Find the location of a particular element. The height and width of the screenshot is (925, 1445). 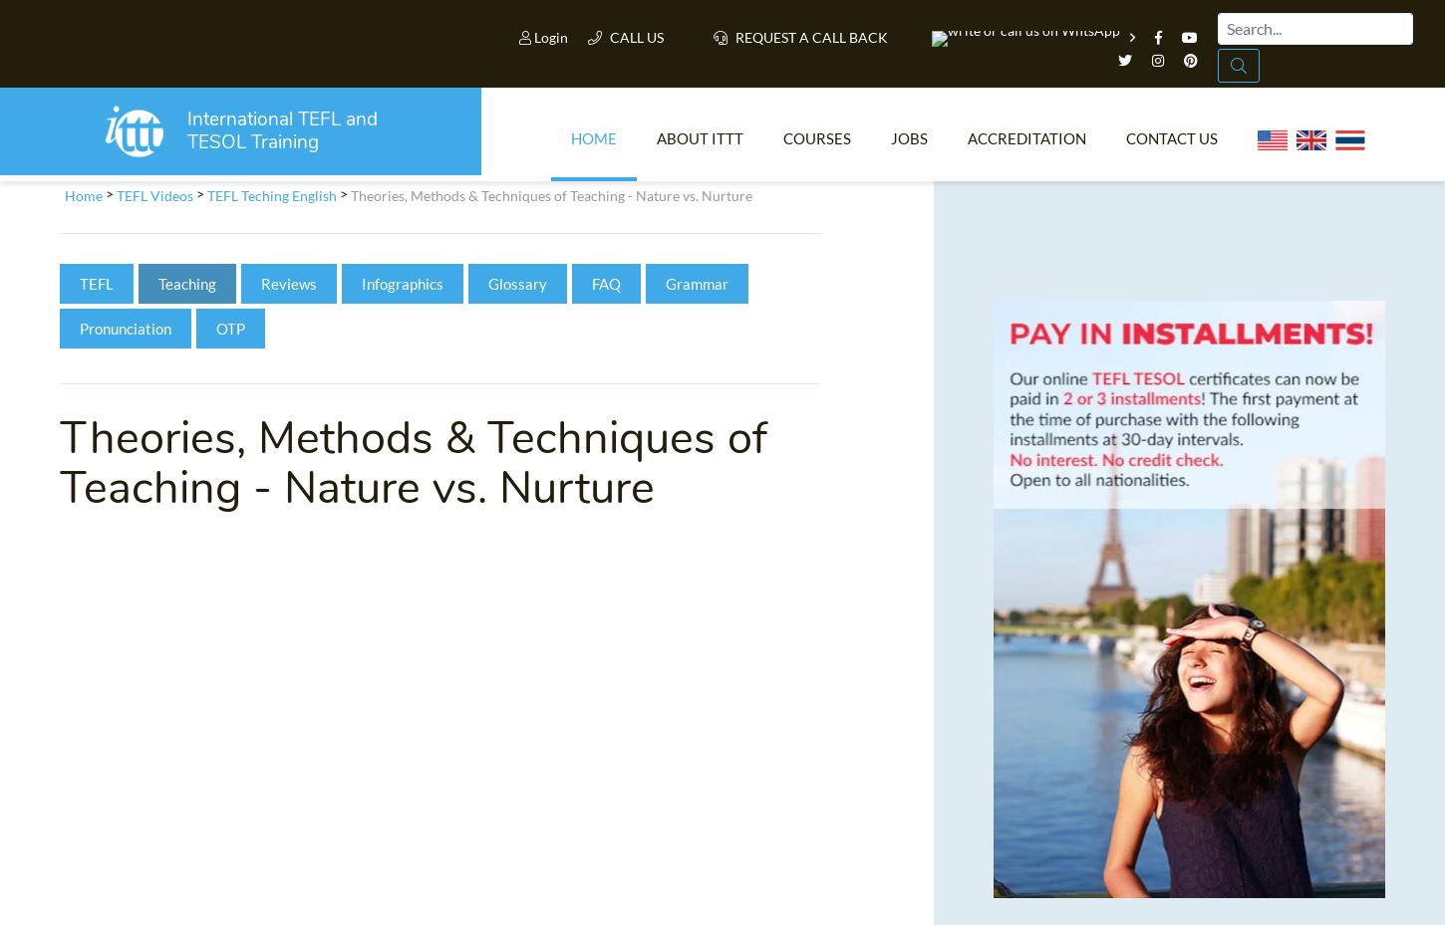

'Reviews' is located at coordinates (289, 290).